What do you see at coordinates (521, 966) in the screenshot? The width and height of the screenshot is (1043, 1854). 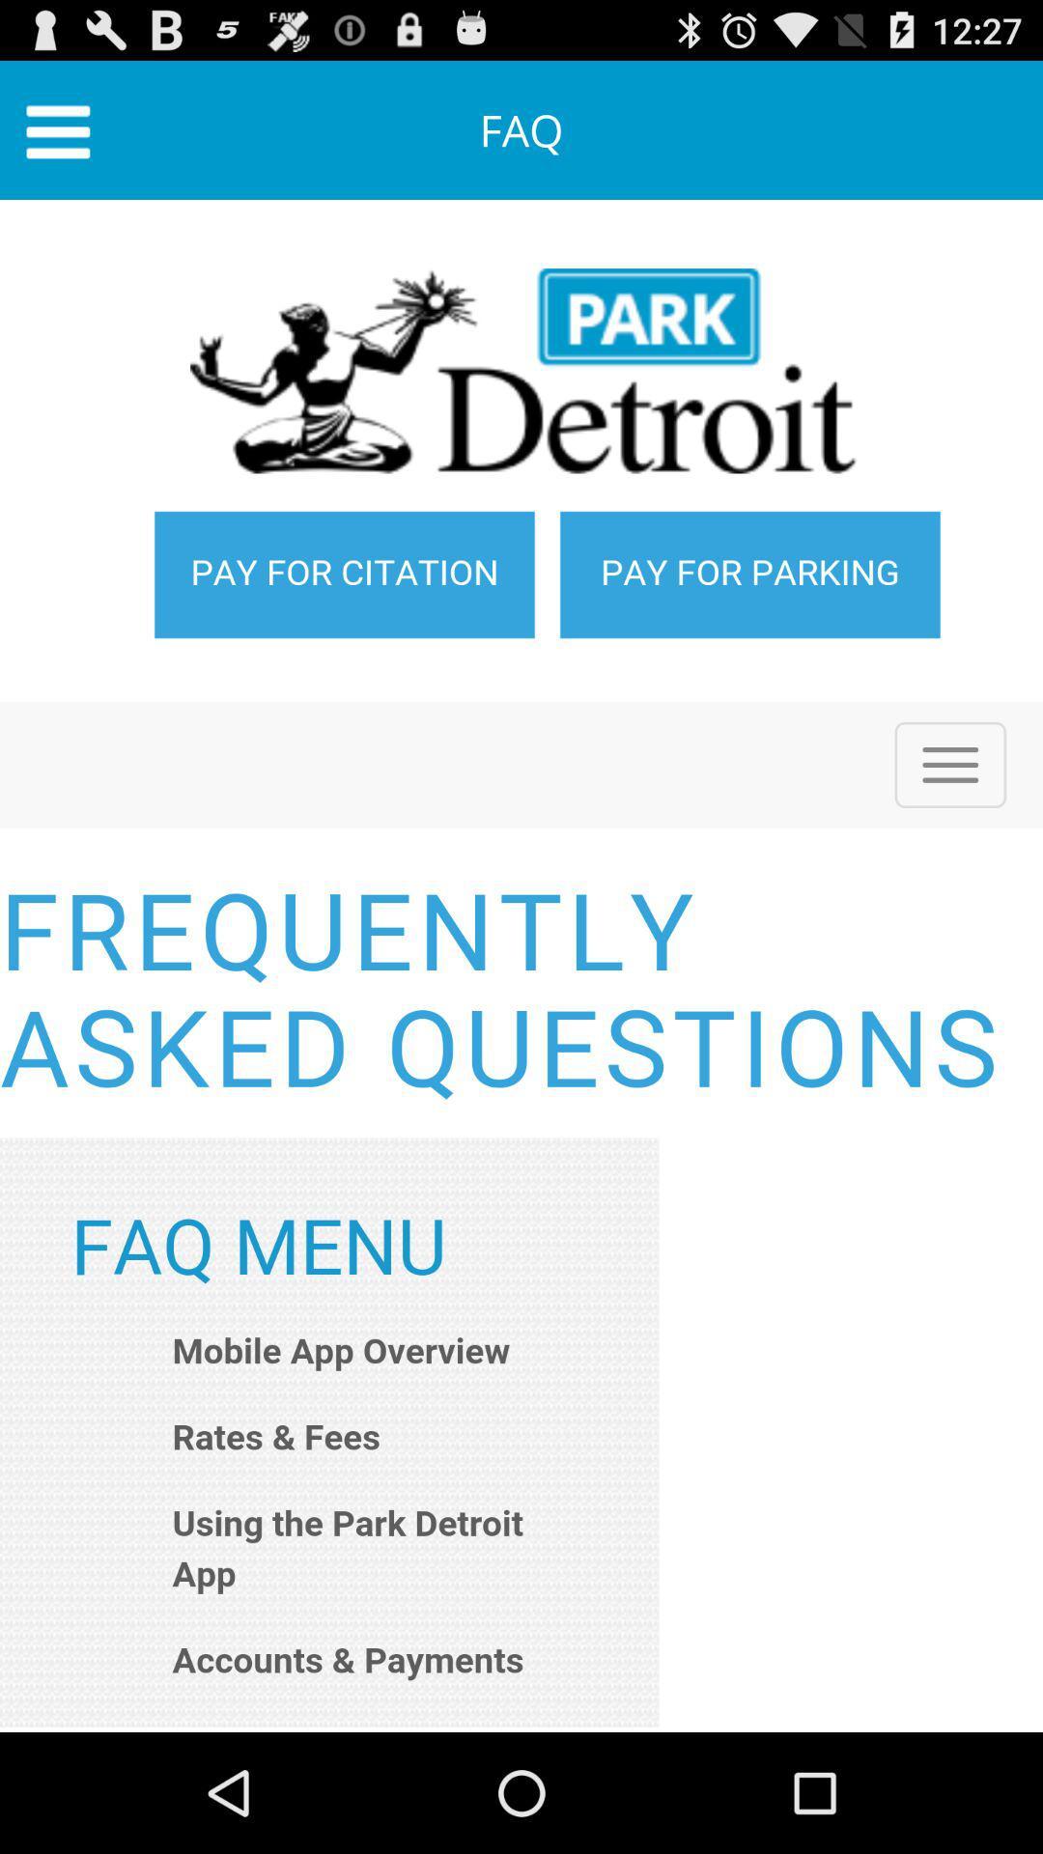 I see `the entire article` at bounding box center [521, 966].